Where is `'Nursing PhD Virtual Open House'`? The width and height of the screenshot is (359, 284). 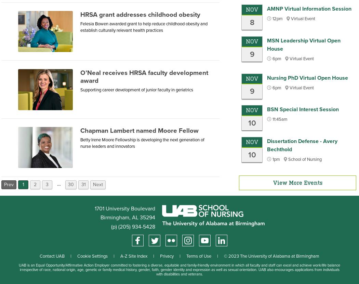
'Nursing PhD Virtual Open House' is located at coordinates (307, 77).